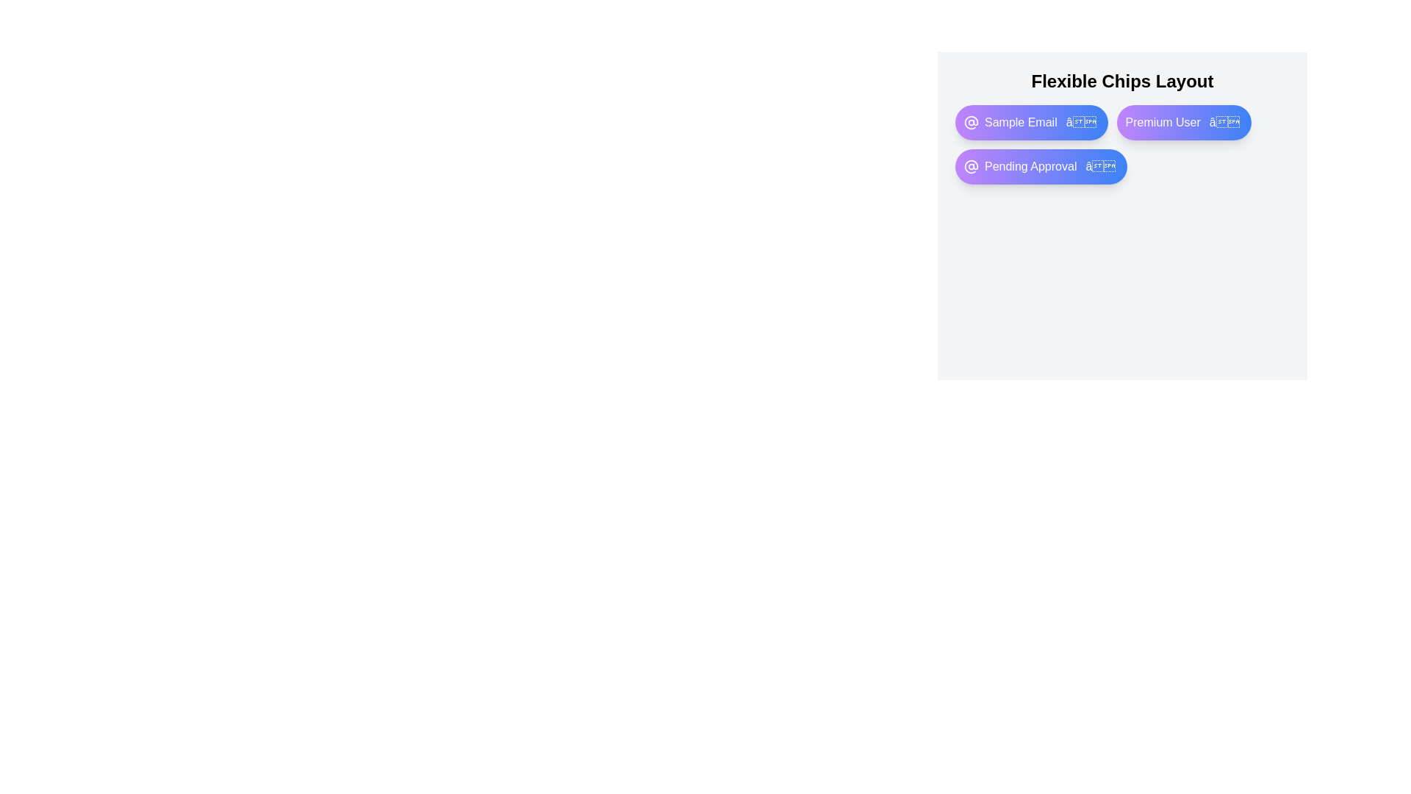 This screenshot has height=794, width=1411. What do you see at coordinates (1100, 166) in the screenshot?
I see `close button of the chip labeled Pending Approval to remove it` at bounding box center [1100, 166].